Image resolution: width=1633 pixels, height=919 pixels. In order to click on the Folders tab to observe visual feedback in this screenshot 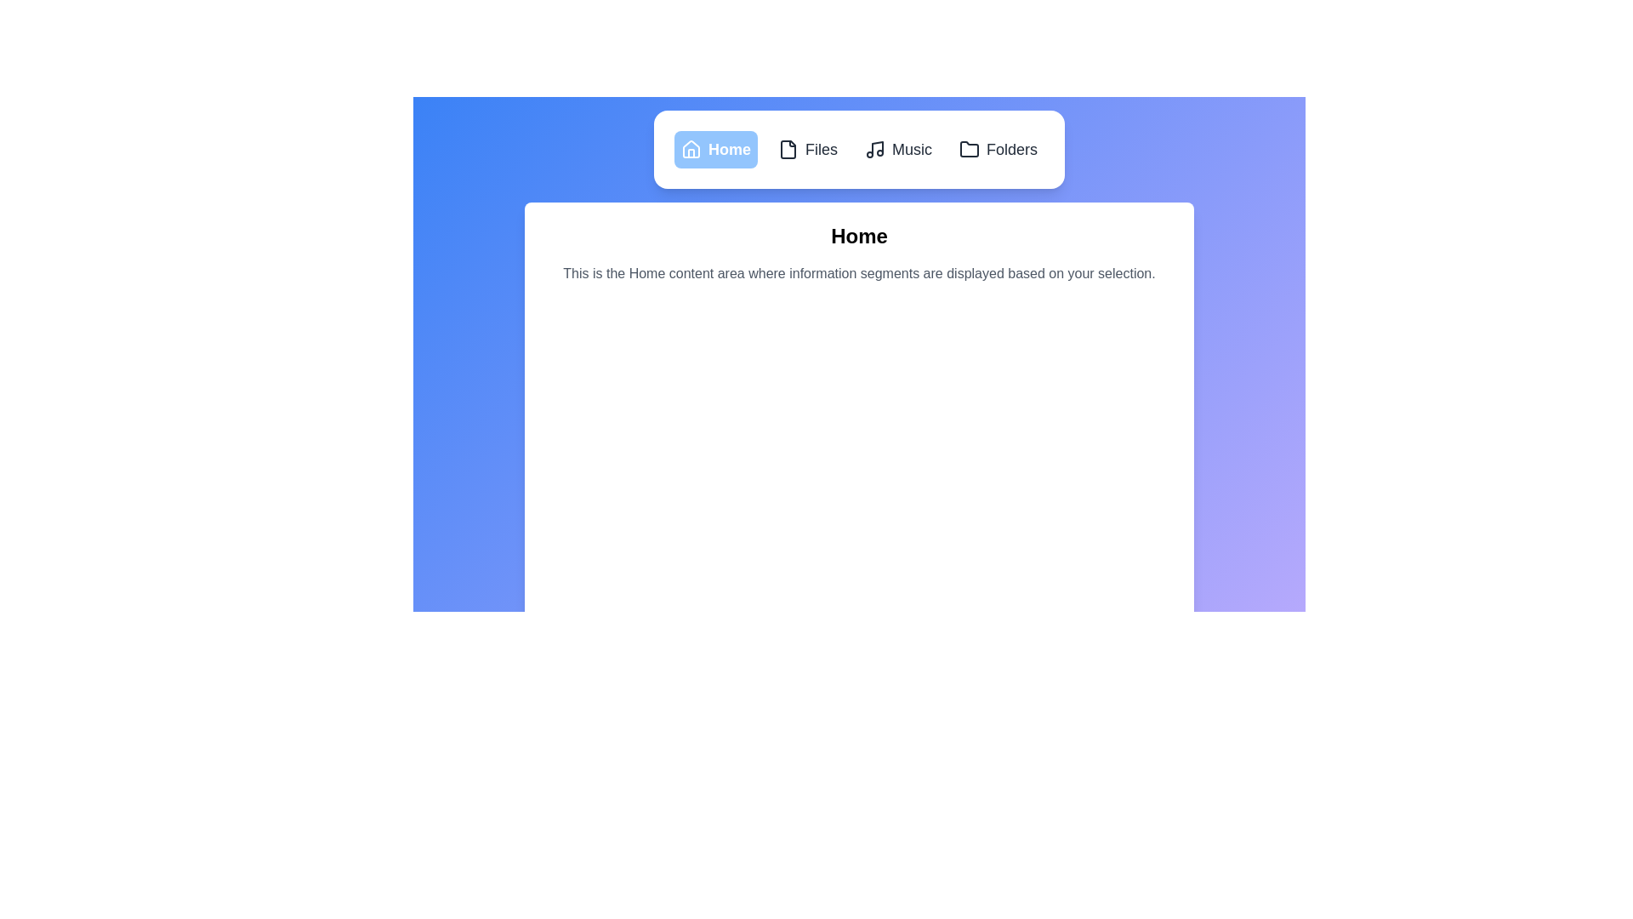, I will do `click(999, 149)`.